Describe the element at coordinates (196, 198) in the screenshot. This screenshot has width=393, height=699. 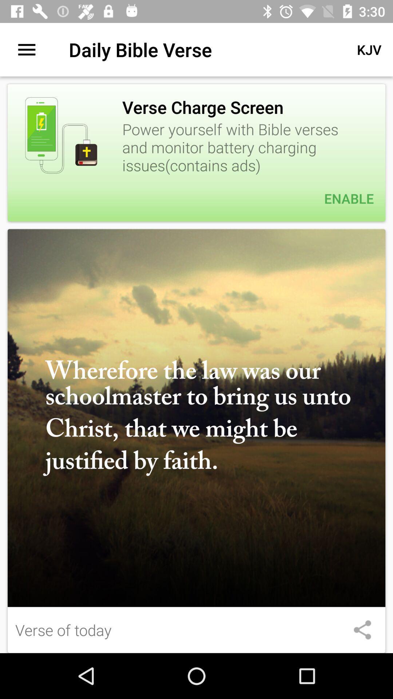
I see `item below the power yourself with` at that location.